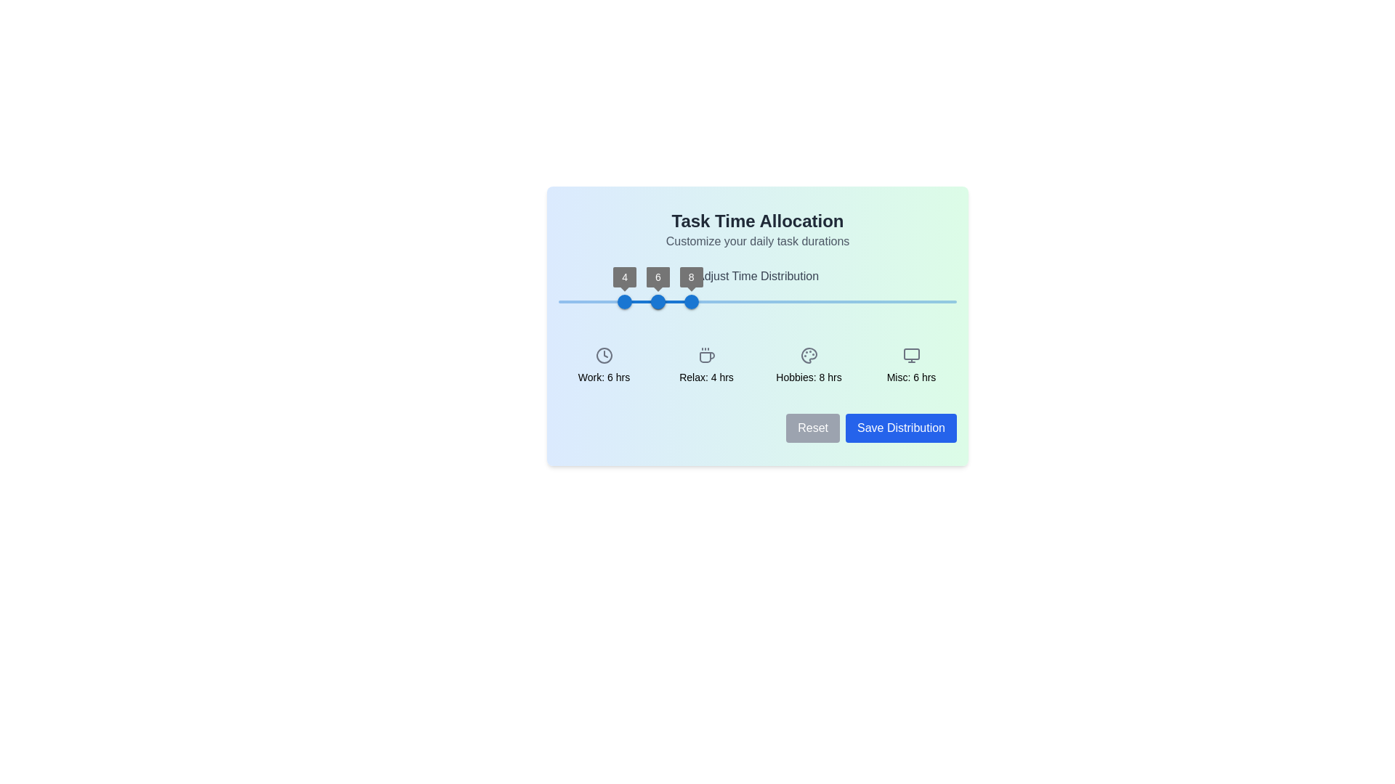  What do you see at coordinates (644, 301) in the screenshot?
I see `the slider` at bounding box center [644, 301].